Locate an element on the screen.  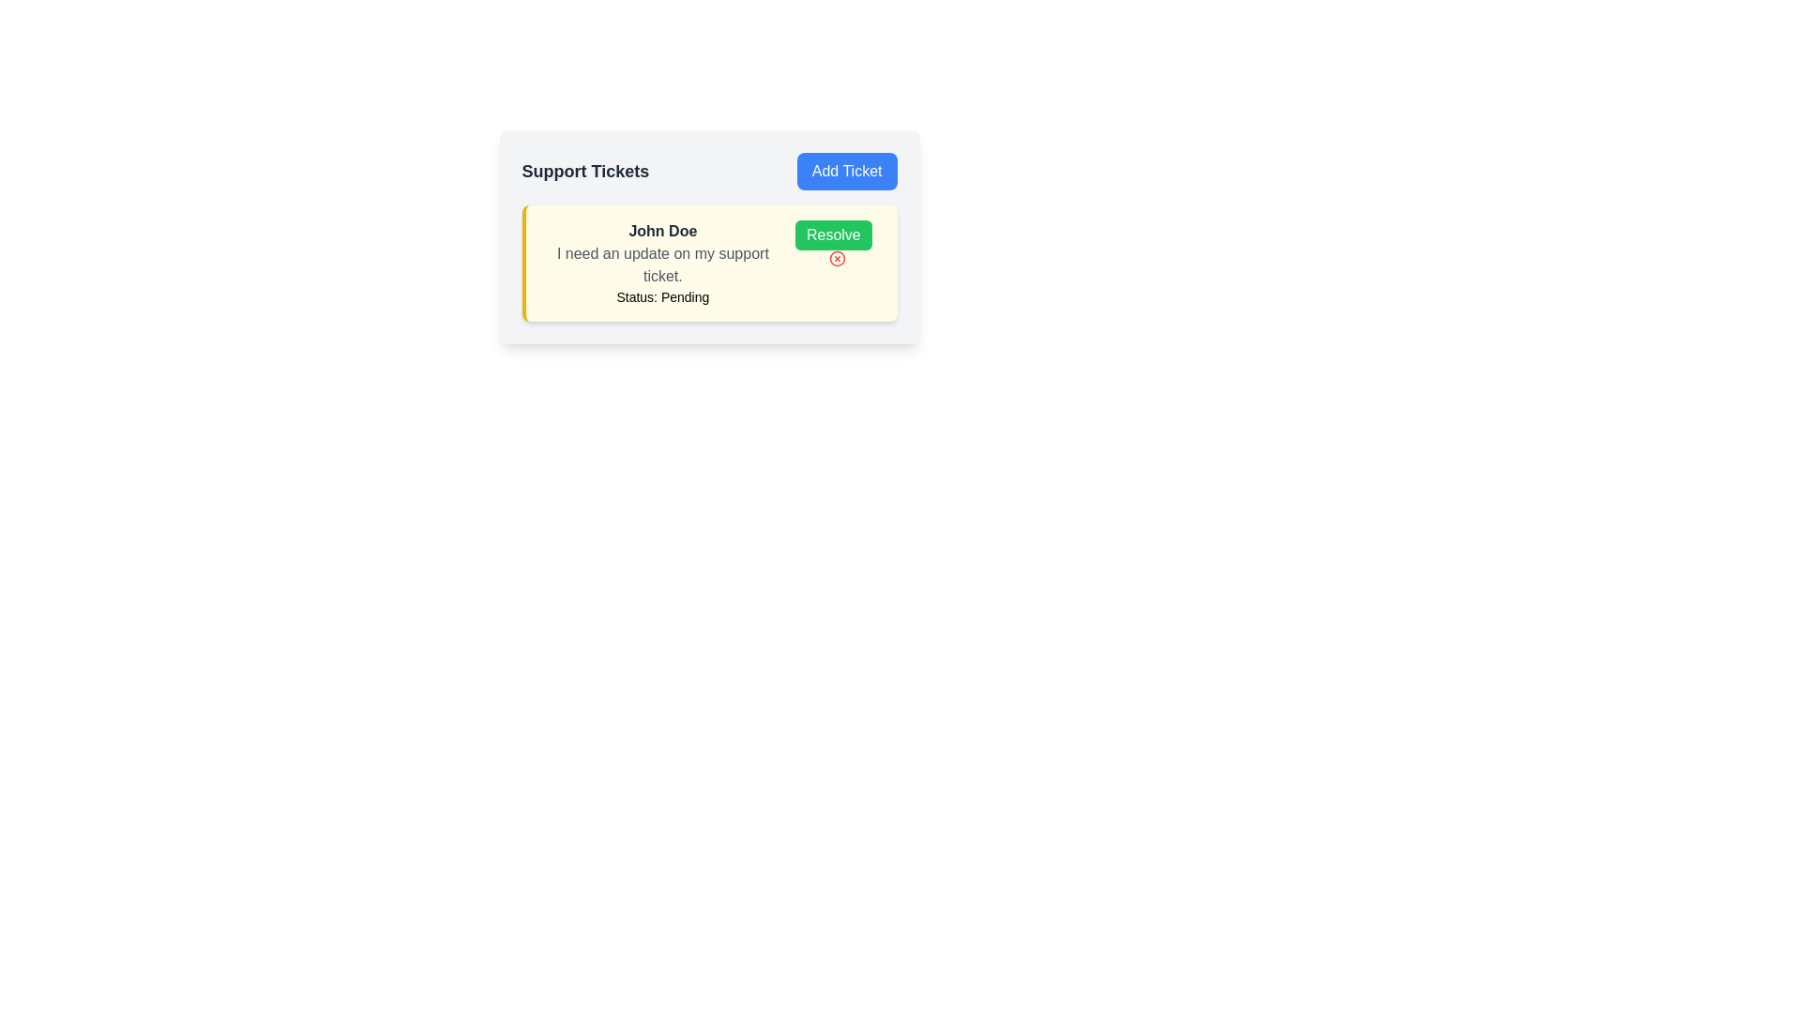
status displayed by the label showing 'Status: Pending', which is located below the name 'John Doe' in the 'Support Tickets' interface is located at coordinates (662, 295).